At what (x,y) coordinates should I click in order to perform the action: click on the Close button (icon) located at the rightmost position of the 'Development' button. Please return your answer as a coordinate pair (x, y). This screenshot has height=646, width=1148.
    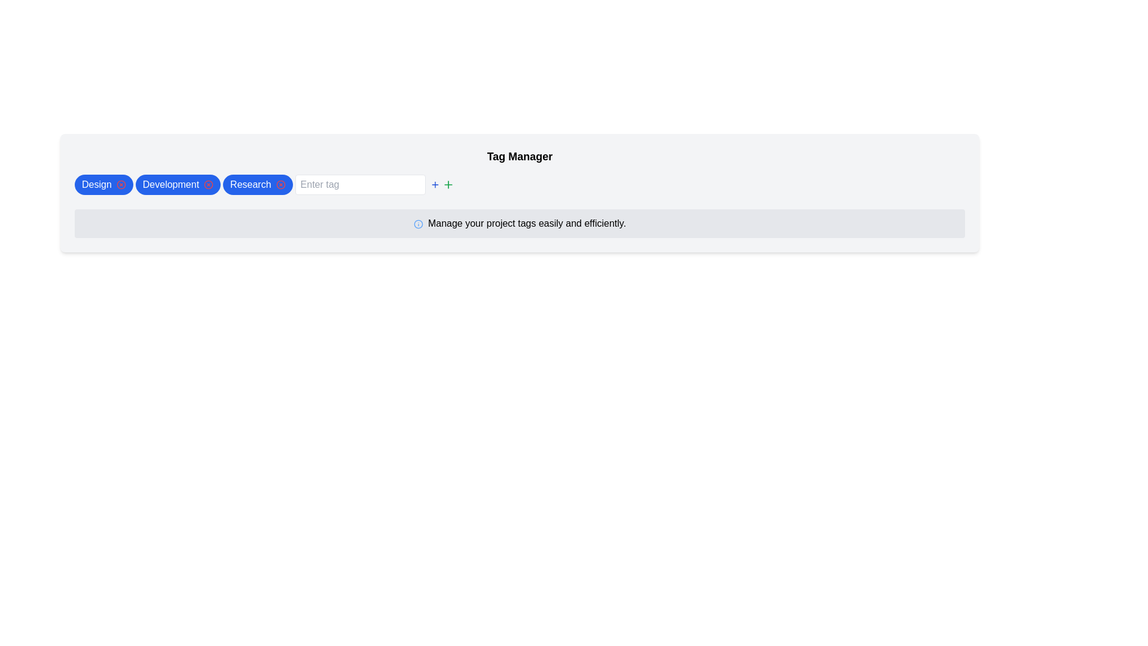
    Looking at the image, I should click on (209, 184).